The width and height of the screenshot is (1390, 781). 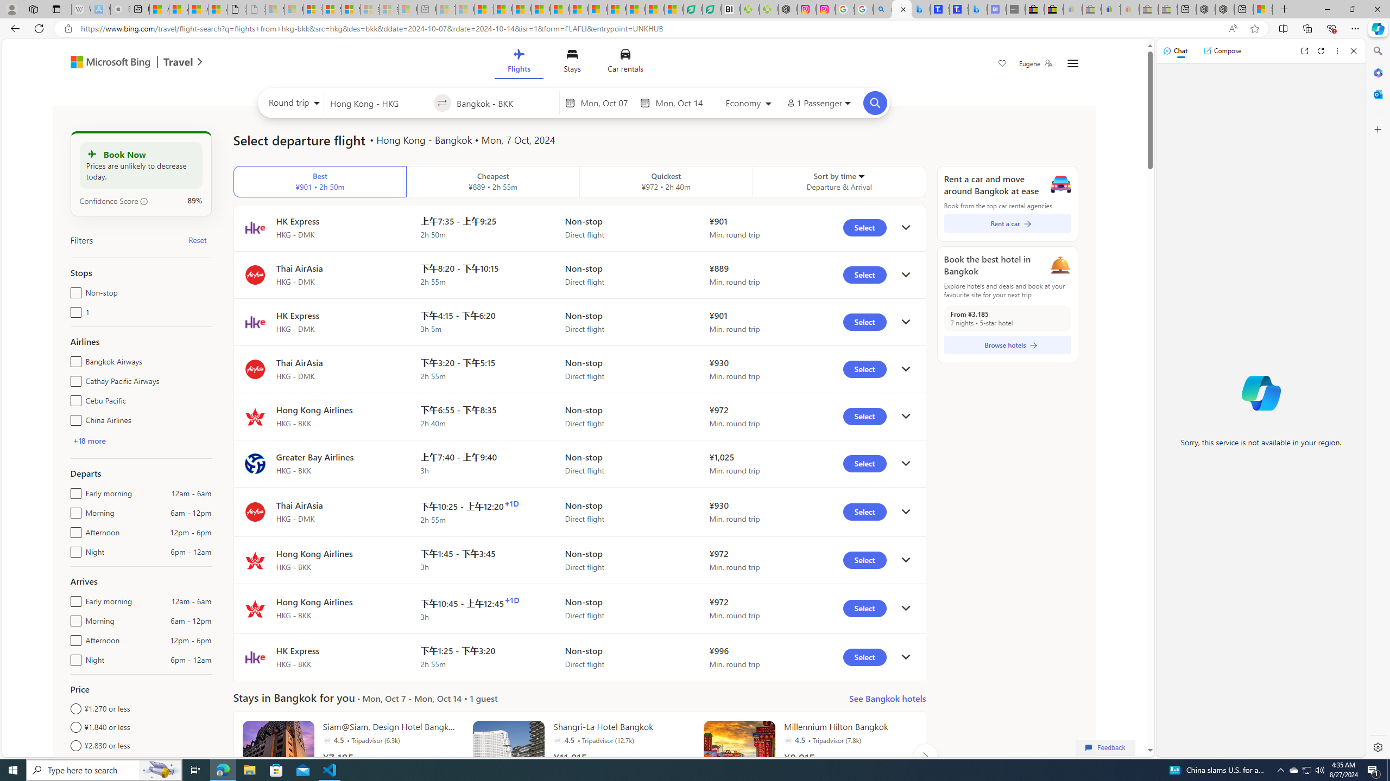 What do you see at coordinates (443, 103) in the screenshot?
I see `'Swap source and destination'` at bounding box center [443, 103].